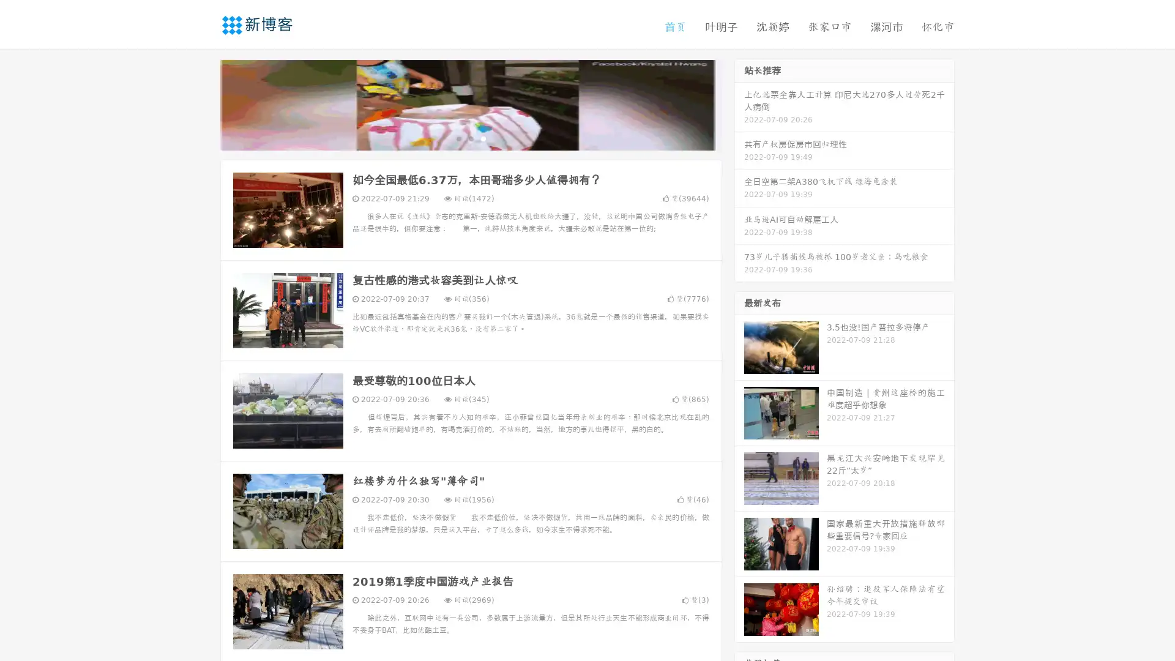 This screenshot has width=1175, height=661. What do you see at coordinates (470, 138) in the screenshot?
I see `Go to slide 2` at bounding box center [470, 138].